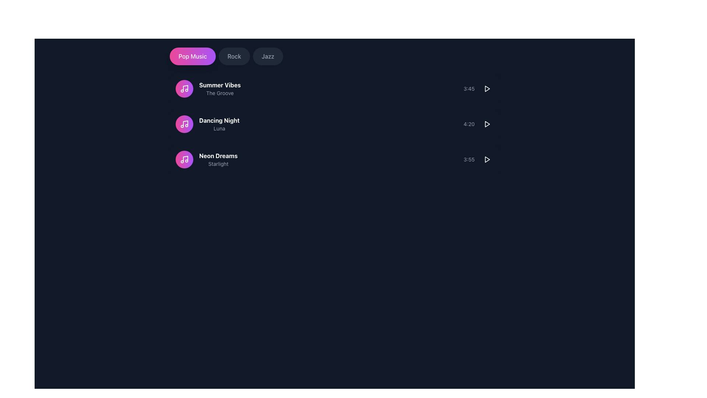 Image resolution: width=707 pixels, height=398 pixels. Describe the element at coordinates (487, 159) in the screenshot. I see `the play button, which is a right-pointing triangle symbol, located in the row for 'Neon Dreams' and positioned to the right of the duration text '3:55'. This is the third play button in the list` at that location.